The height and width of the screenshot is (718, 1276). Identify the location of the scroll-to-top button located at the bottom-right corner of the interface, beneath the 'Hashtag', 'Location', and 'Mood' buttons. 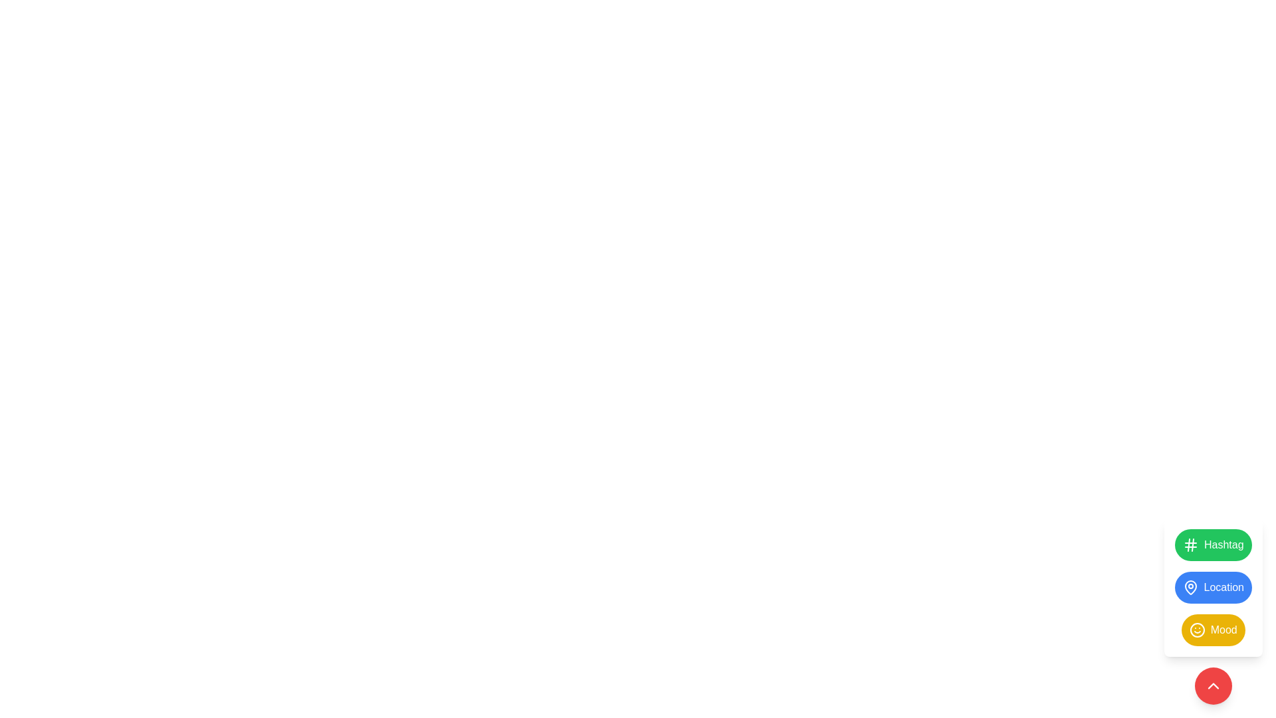
(1213, 686).